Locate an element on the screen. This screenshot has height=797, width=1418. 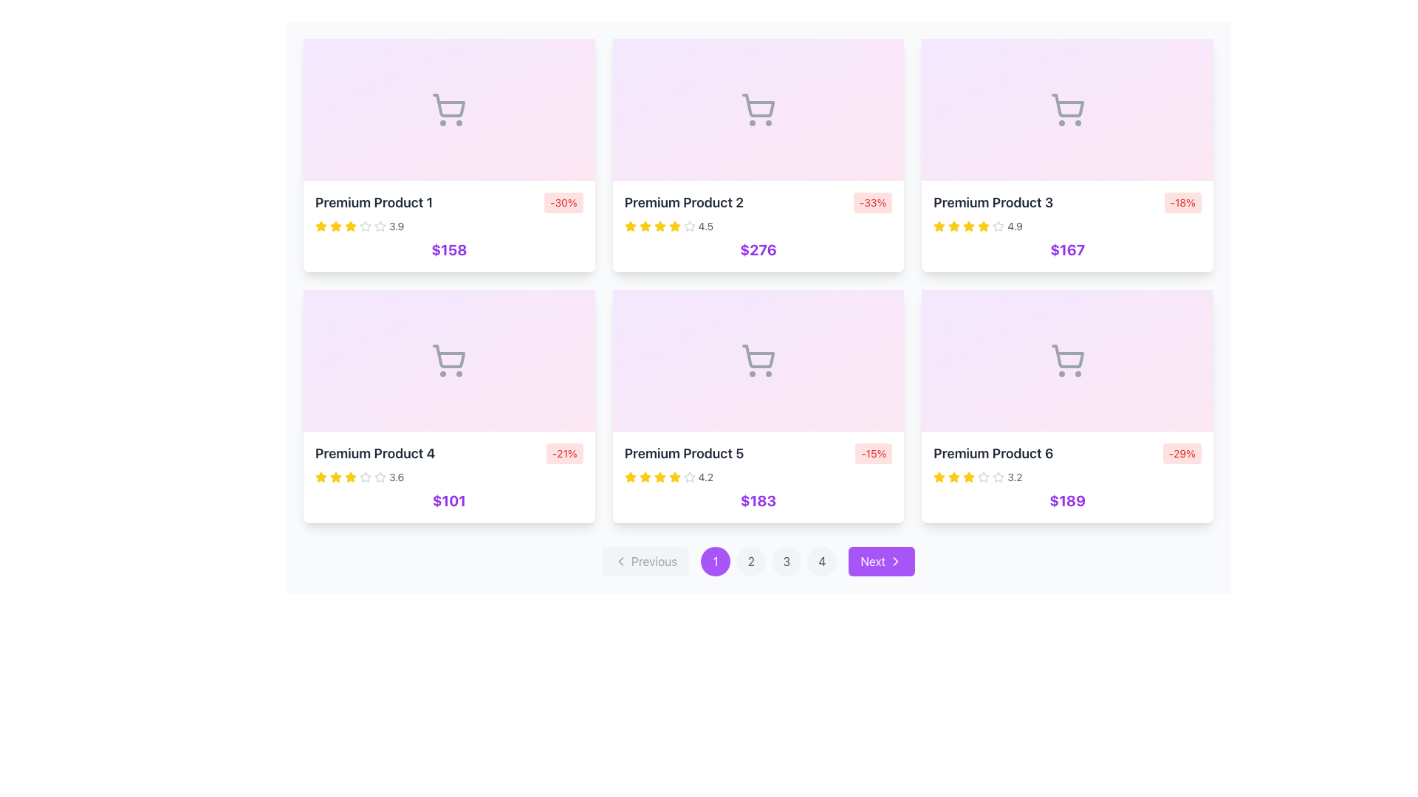
the fifth star-shaped icon in the 5-star rating system under the title 'Premium Product 5', which is golden-yellow in color and suggests a rating of 4.2 is located at coordinates (674, 477).